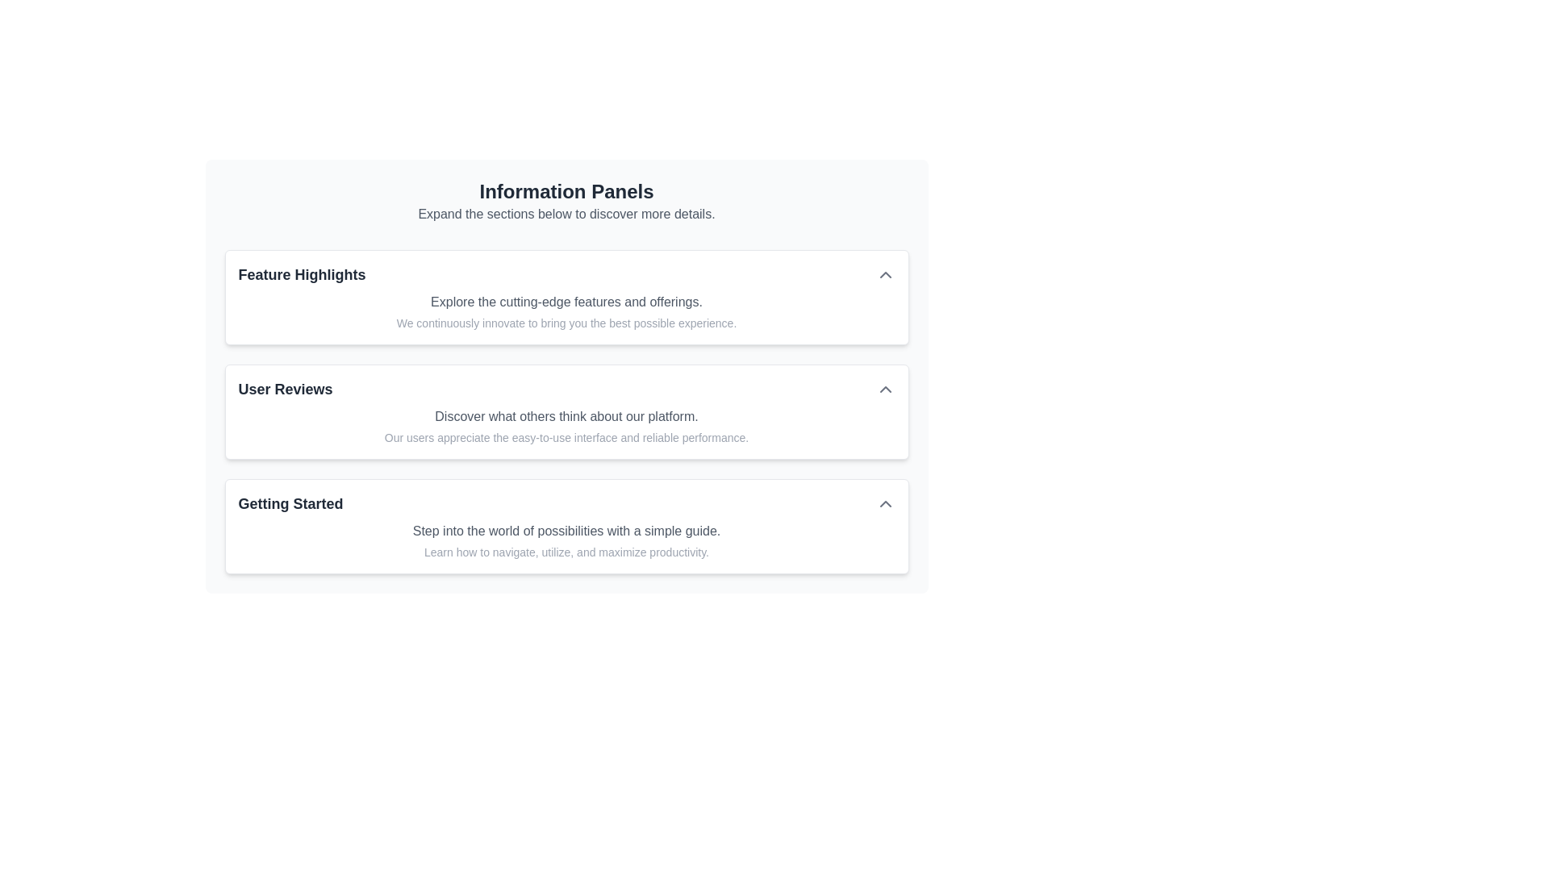 The image size is (1549, 871). Describe the element at coordinates (566, 410) in the screenshot. I see `the collapsible icon in the information panel group` at that location.